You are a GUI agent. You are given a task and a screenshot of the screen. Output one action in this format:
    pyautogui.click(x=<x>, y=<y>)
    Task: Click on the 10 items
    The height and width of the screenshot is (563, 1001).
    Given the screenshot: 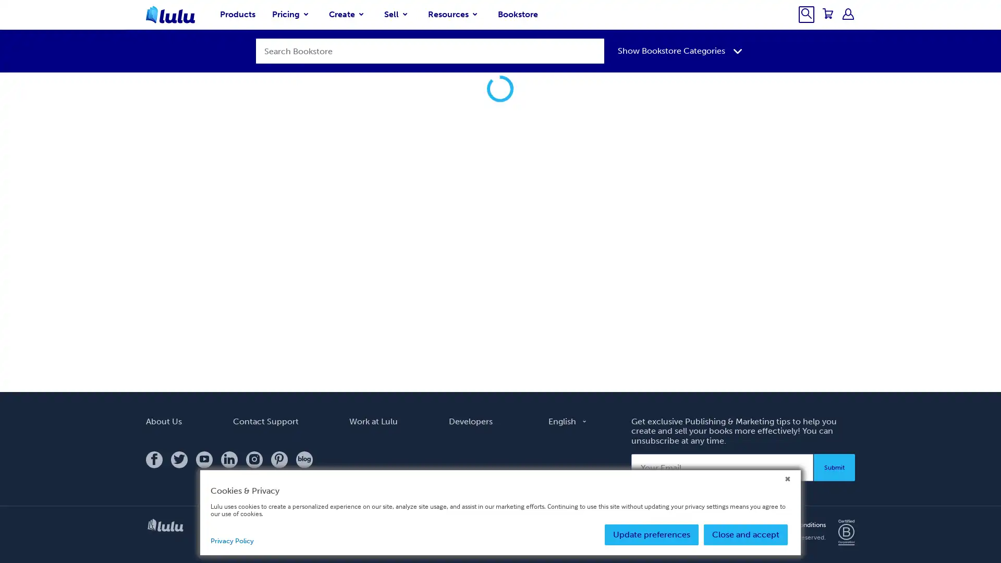 What is the action you would take?
    pyautogui.click(x=358, y=324)
    